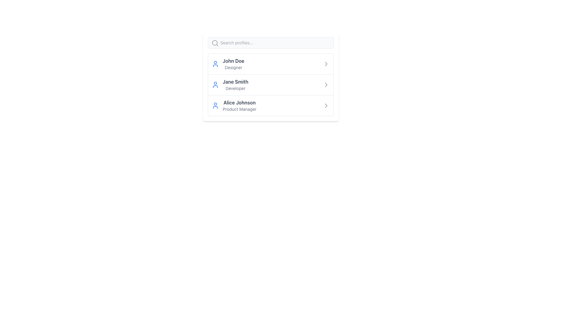 The height and width of the screenshot is (326, 581). What do you see at coordinates (215, 43) in the screenshot?
I see `the search icon located at the upper-left side of the search bar, preceding the text input field labeled 'Search profiles...'` at bounding box center [215, 43].